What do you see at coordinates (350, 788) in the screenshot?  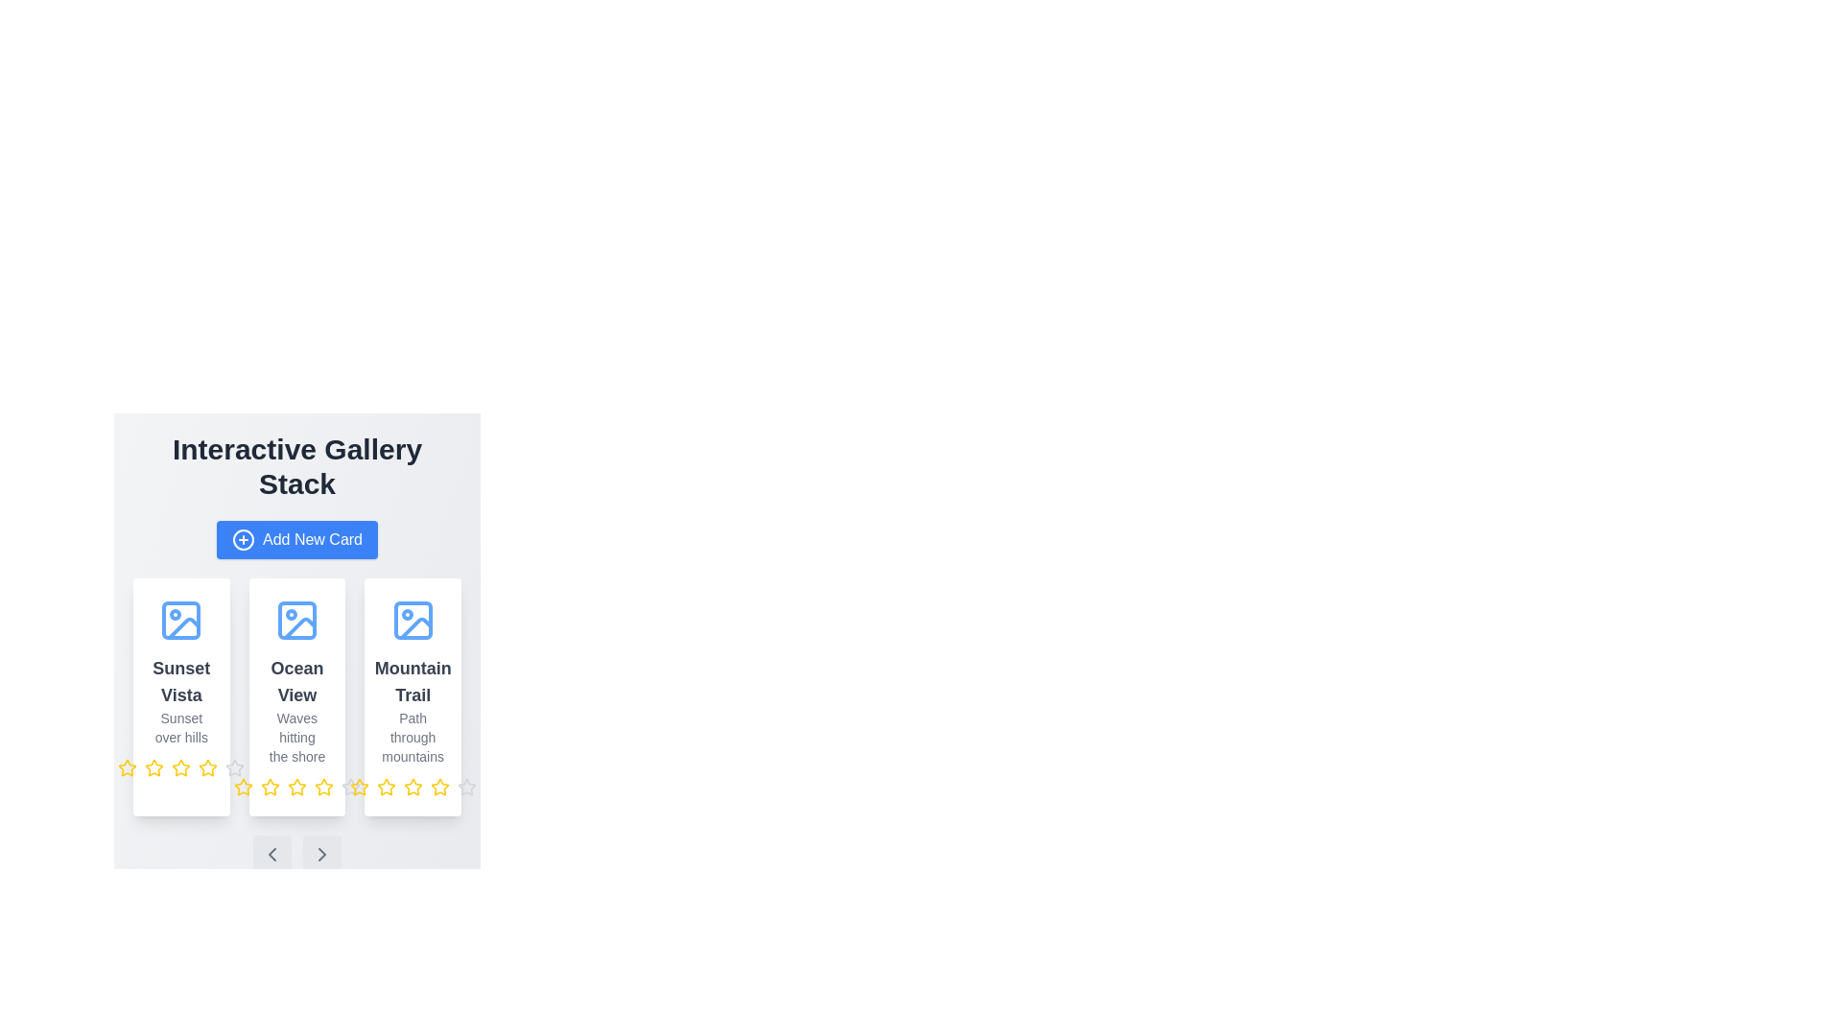 I see `the last star-shaped gray icon in the rating section of the 'Mountain Trail' card` at bounding box center [350, 788].